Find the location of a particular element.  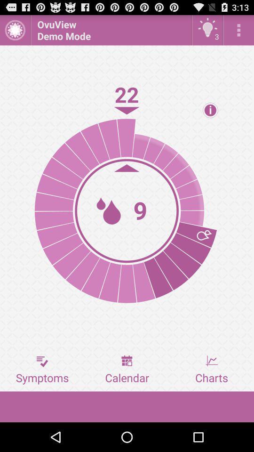

icon below symptoms is located at coordinates (127, 406).